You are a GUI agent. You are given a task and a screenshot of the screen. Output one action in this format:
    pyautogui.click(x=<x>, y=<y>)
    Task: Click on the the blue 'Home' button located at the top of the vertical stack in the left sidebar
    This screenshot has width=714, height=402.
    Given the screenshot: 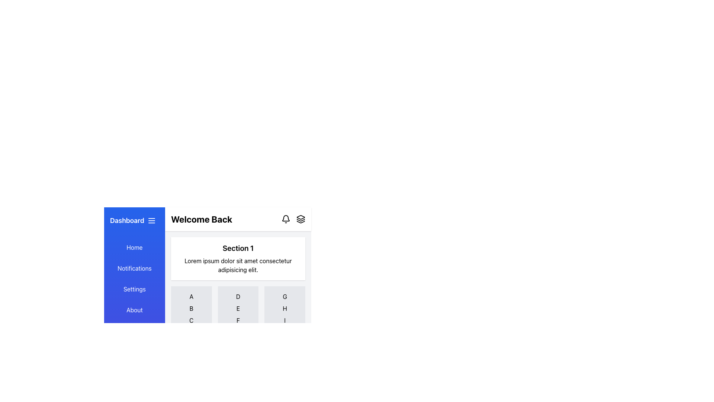 What is the action you would take?
    pyautogui.click(x=134, y=247)
    